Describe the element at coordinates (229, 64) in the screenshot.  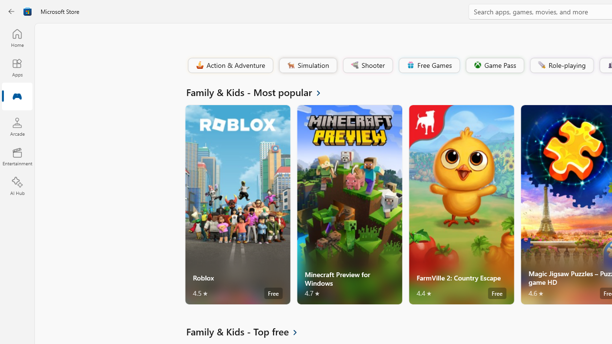
I see `'Action & Adventure'` at that location.